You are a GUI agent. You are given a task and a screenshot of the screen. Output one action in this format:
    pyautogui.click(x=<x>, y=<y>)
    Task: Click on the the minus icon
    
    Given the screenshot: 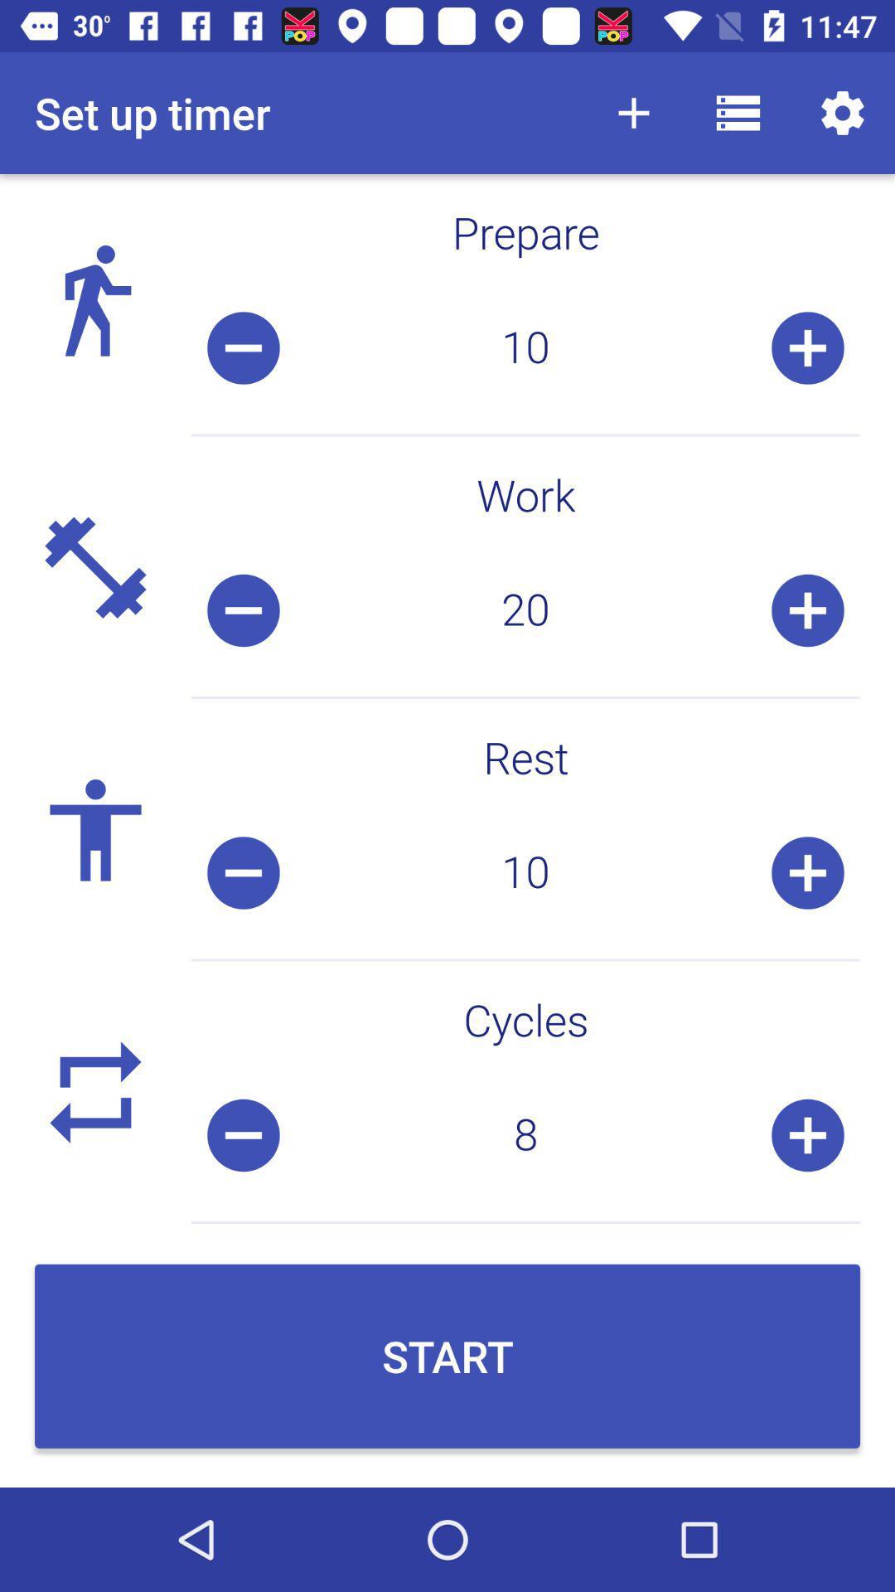 What is the action you would take?
    pyautogui.click(x=243, y=347)
    